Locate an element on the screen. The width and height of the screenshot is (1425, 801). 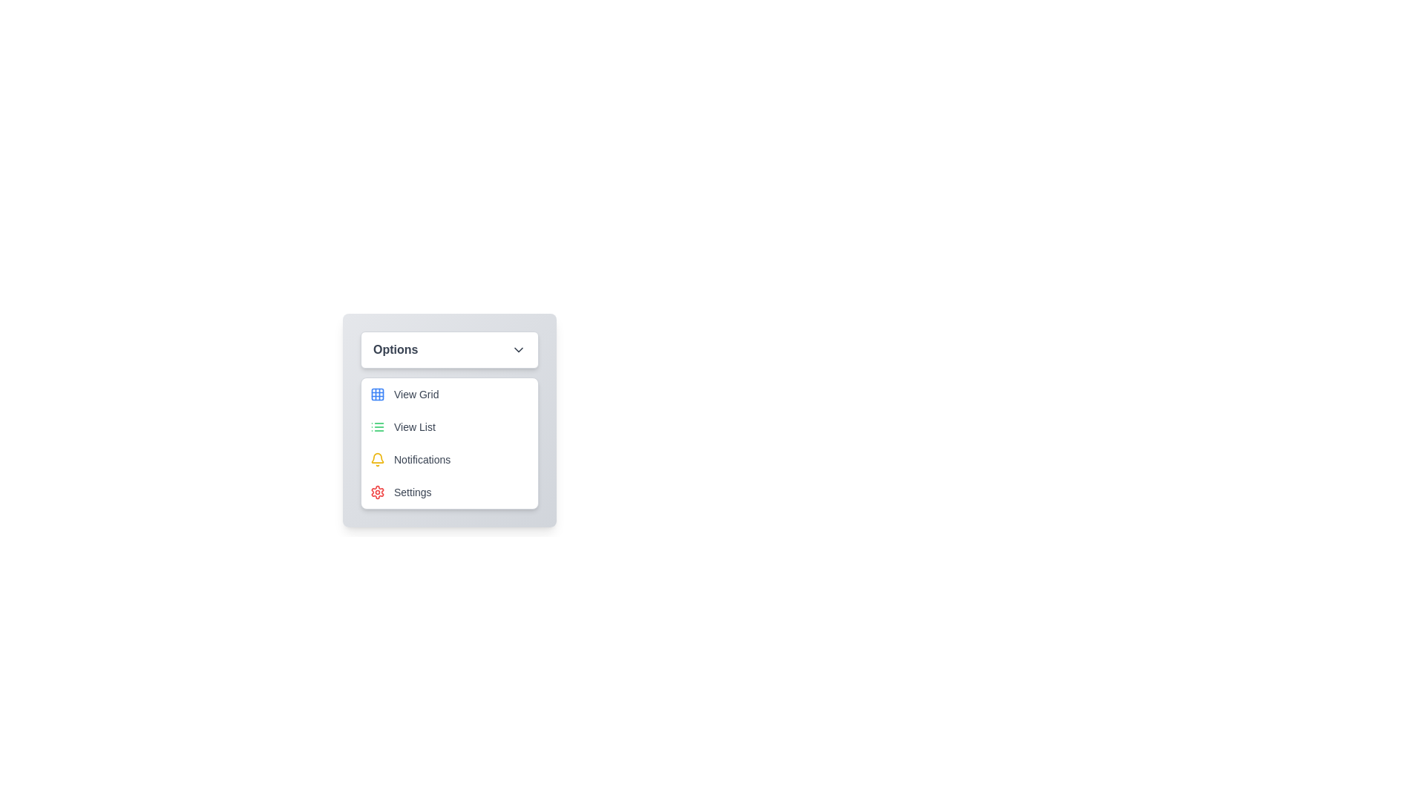
the third menu item in the vertical list, which is located between 'View List' and 'Settings', to trigger the contextual menu is located at coordinates (448, 459).